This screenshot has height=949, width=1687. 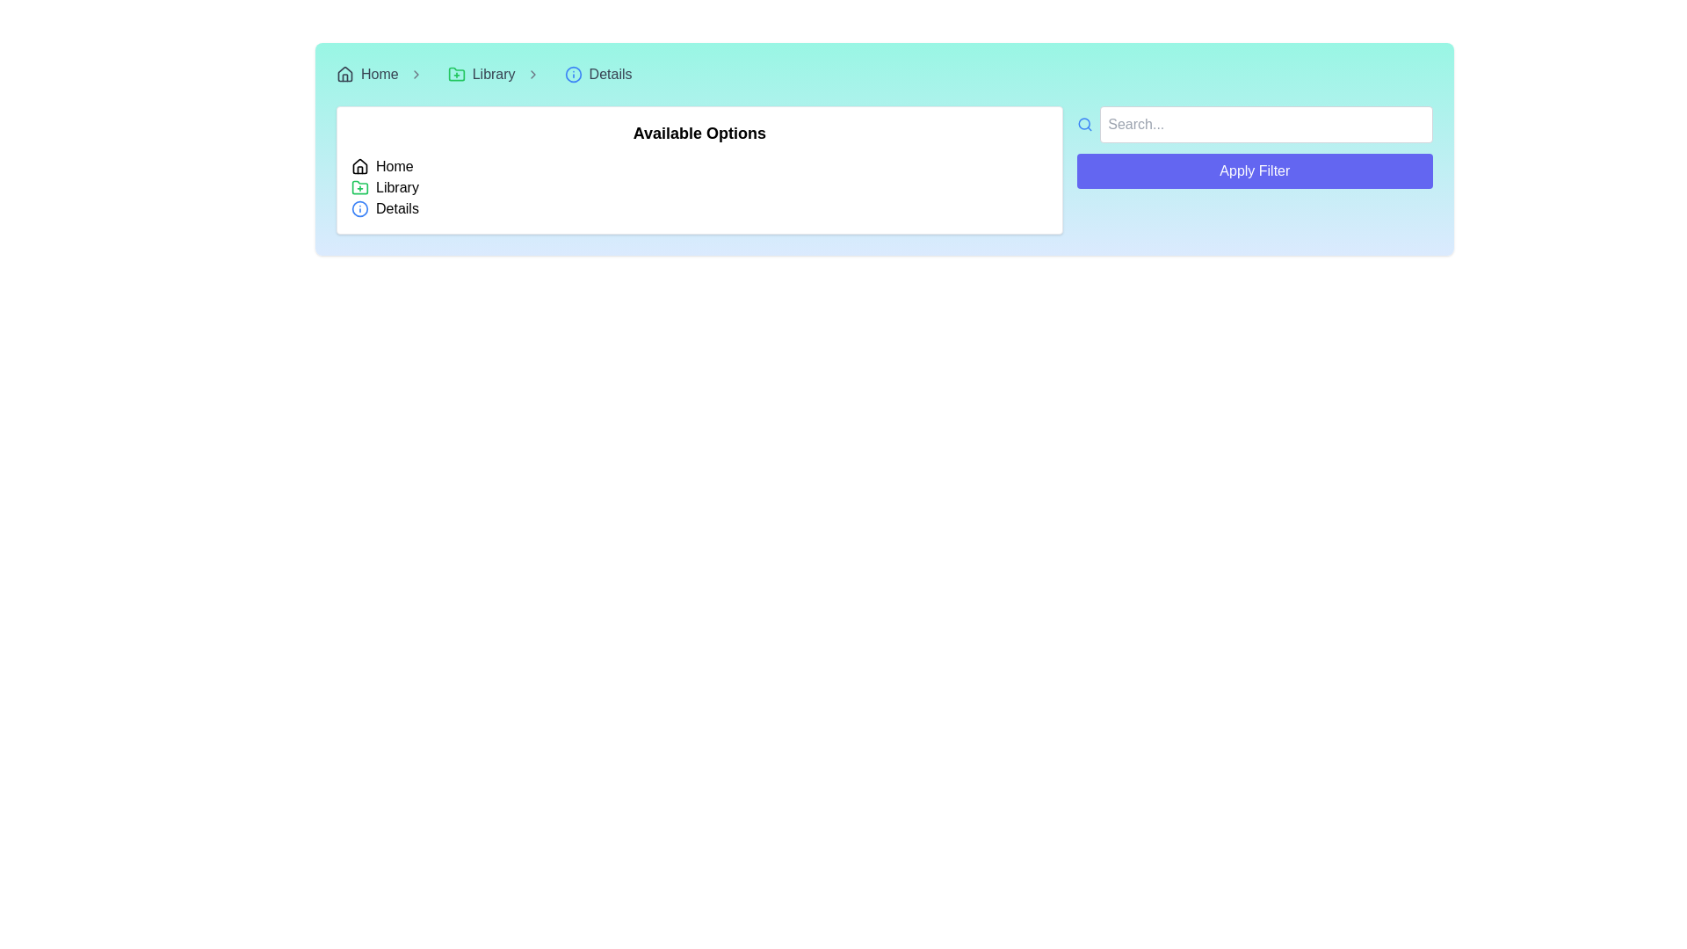 What do you see at coordinates (497, 73) in the screenshot?
I see `the interactive link for the 'Library' section in the breadcrumb navigation bar` at bounding box center [497, 73].